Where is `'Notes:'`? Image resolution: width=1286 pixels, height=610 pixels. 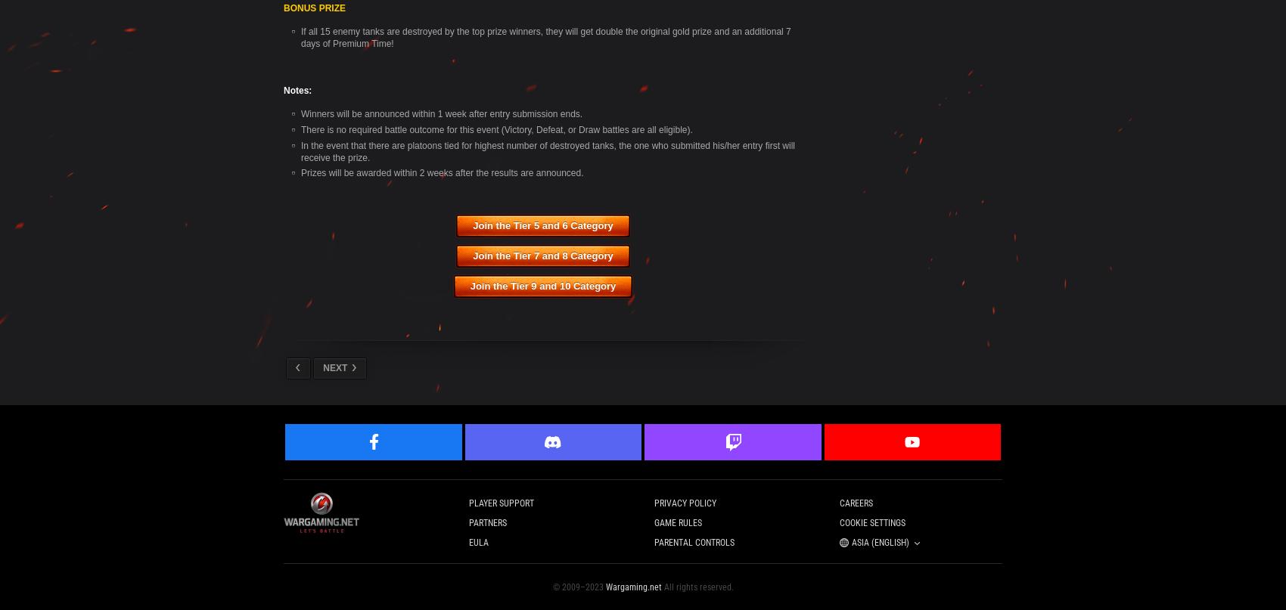 'Notes:' is located at coordinates (297, 89).